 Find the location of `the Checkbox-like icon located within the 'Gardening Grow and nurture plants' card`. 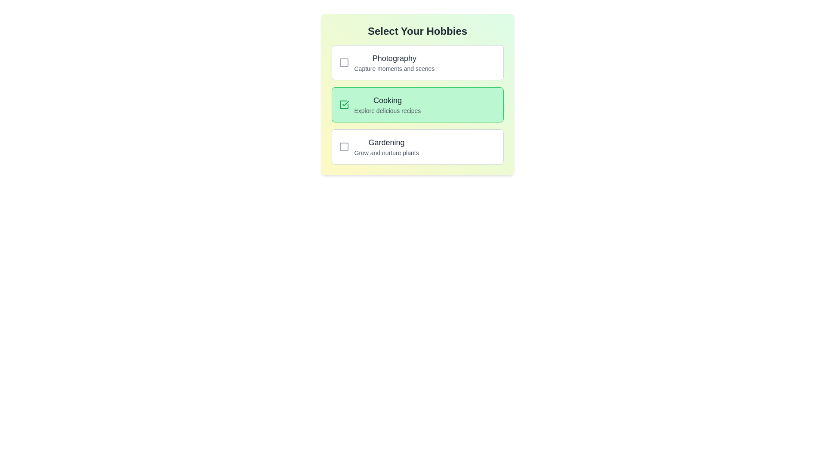

the Checkbox-like icon located within the 'Gardening Grow and nurture plants' card is located at coordinates (343, 147).